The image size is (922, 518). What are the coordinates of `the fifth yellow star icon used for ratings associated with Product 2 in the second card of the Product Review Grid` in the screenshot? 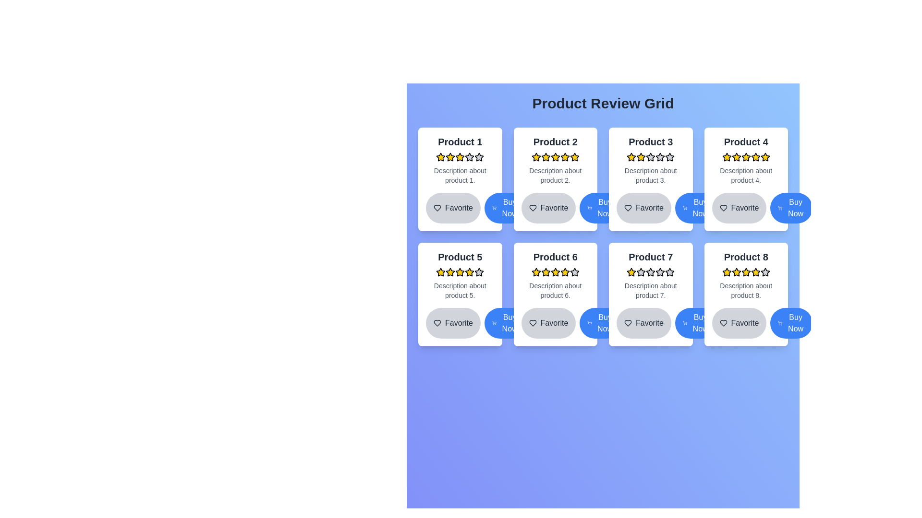 It's located at (574, 156).